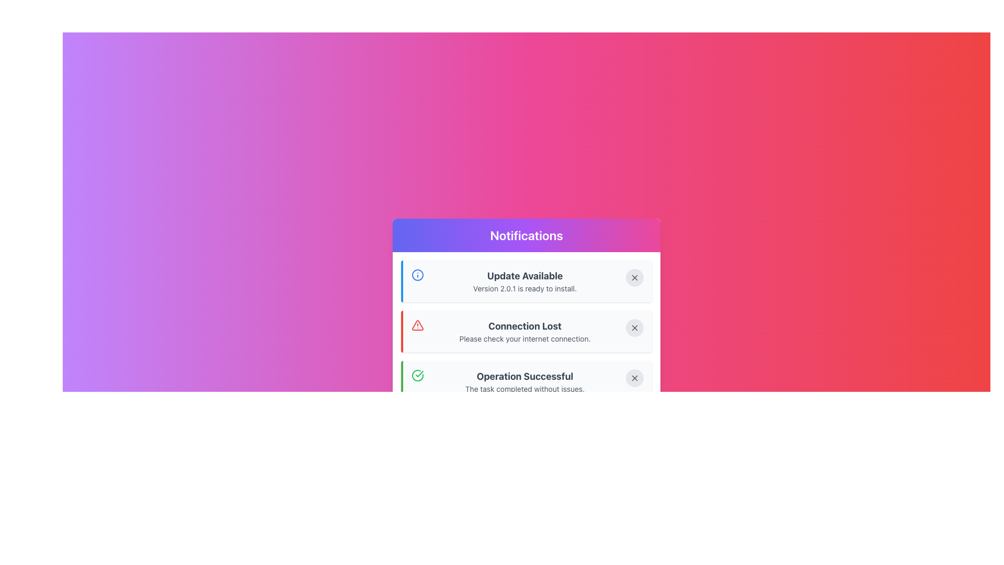 This screenshot has height=565, width=1004. What do you see at coordinates (634, 327) in the screenshot?
I see `the dismiss icon resembling the letter 'X' located in the top right corner of the second notification item under the 'Connection Lost' section` at bounding box center [634, 327].